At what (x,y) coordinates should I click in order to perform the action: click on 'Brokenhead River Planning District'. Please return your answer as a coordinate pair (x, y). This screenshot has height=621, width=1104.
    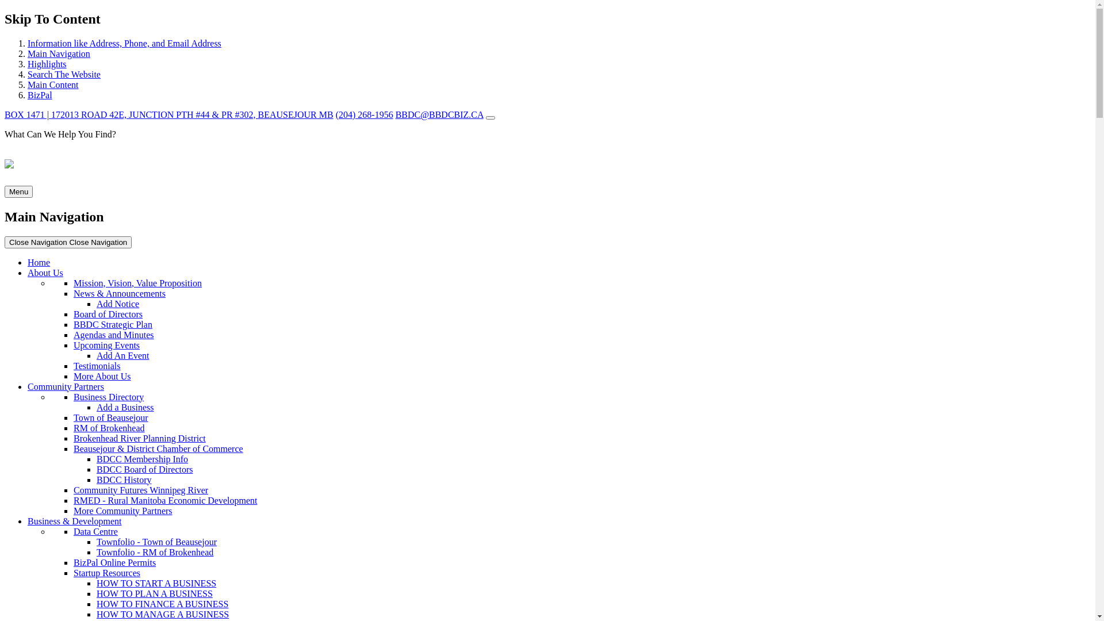
    Looking at the image, I should click on (139, 438).